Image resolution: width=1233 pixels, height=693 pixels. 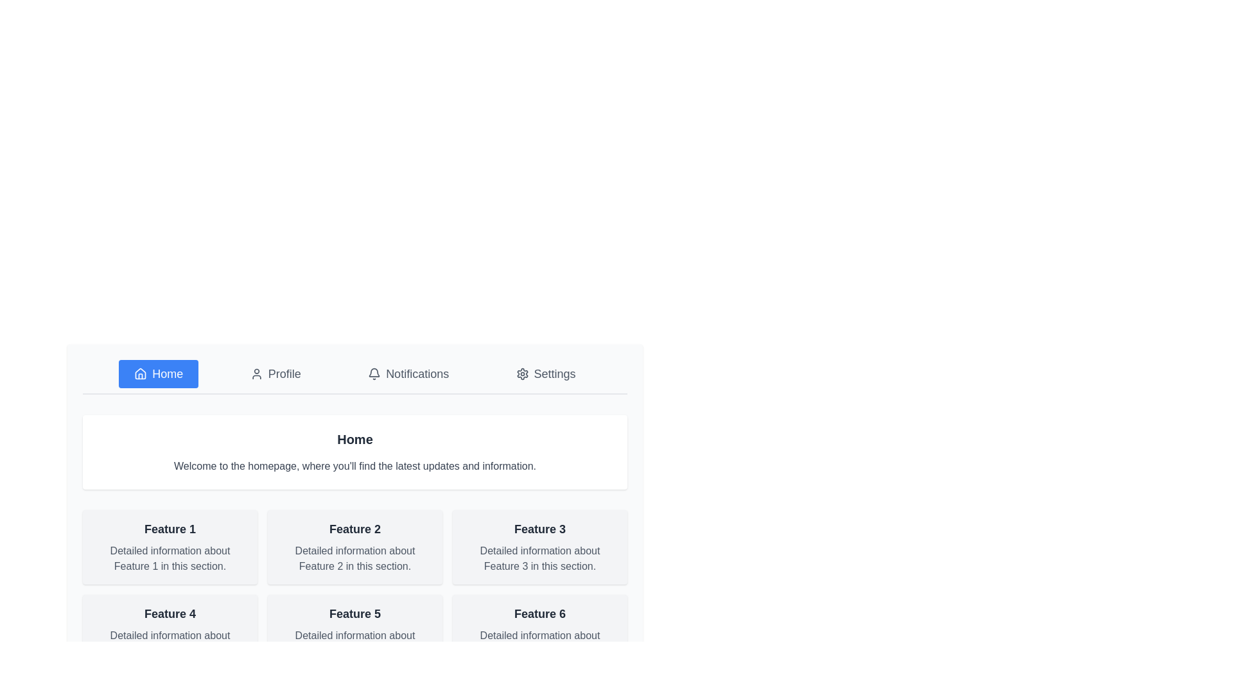 I want to click on the 'Settings' text label, which is styled in gray and located at the rightmost side of the horizontal navigation menu, so click(x=555, y=373).